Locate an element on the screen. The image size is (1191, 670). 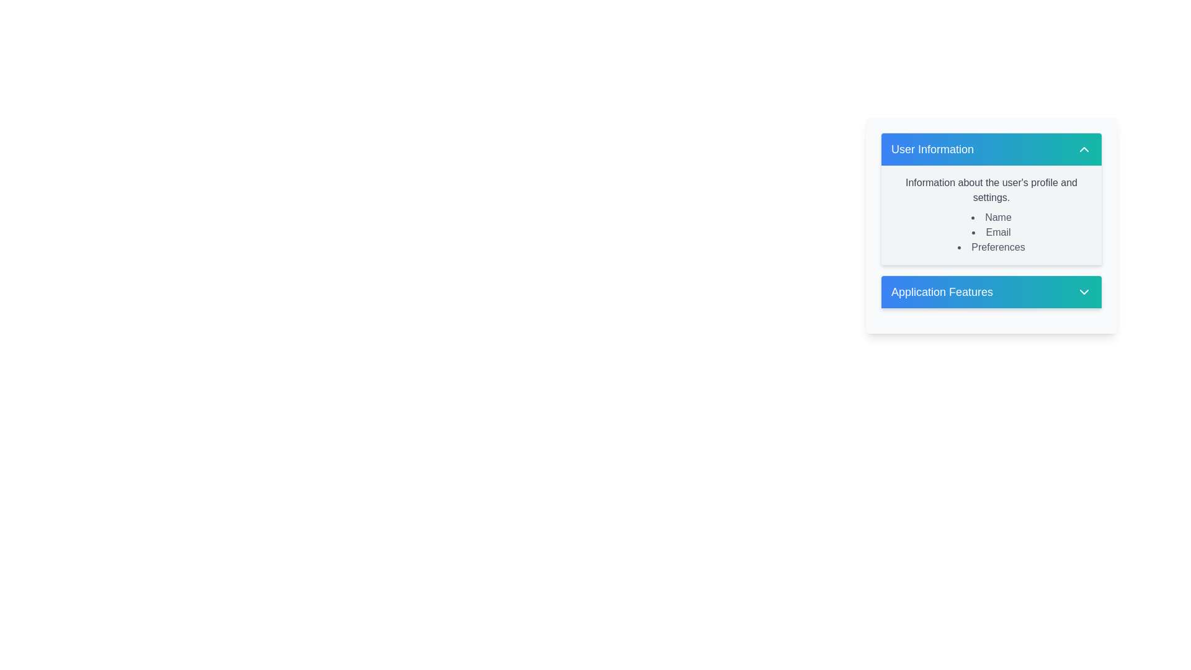
and understand the detailed user profile information displayed in the text block located in the 'User Information' section of the card is located at coordinates (991, 215).